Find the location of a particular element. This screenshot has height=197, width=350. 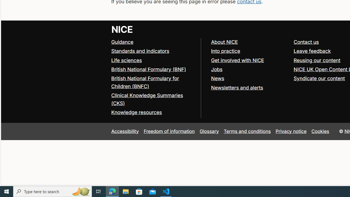

'Contact us' is located at coordinates (306, 42).